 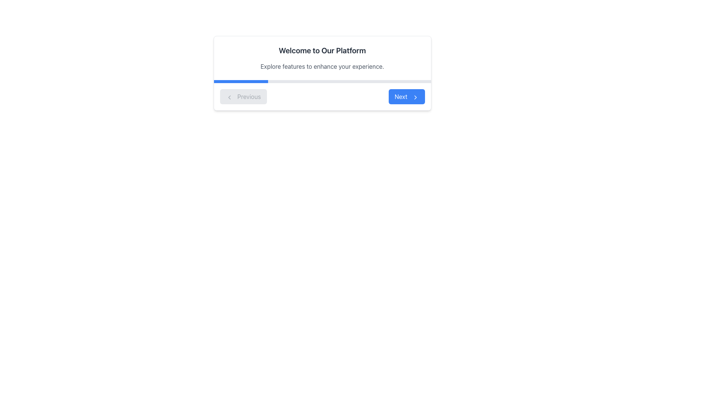 I want to click on the completion percentage represented by the Progress Bar, which indicates 25% completion of a task, so click(x=240, y=82).